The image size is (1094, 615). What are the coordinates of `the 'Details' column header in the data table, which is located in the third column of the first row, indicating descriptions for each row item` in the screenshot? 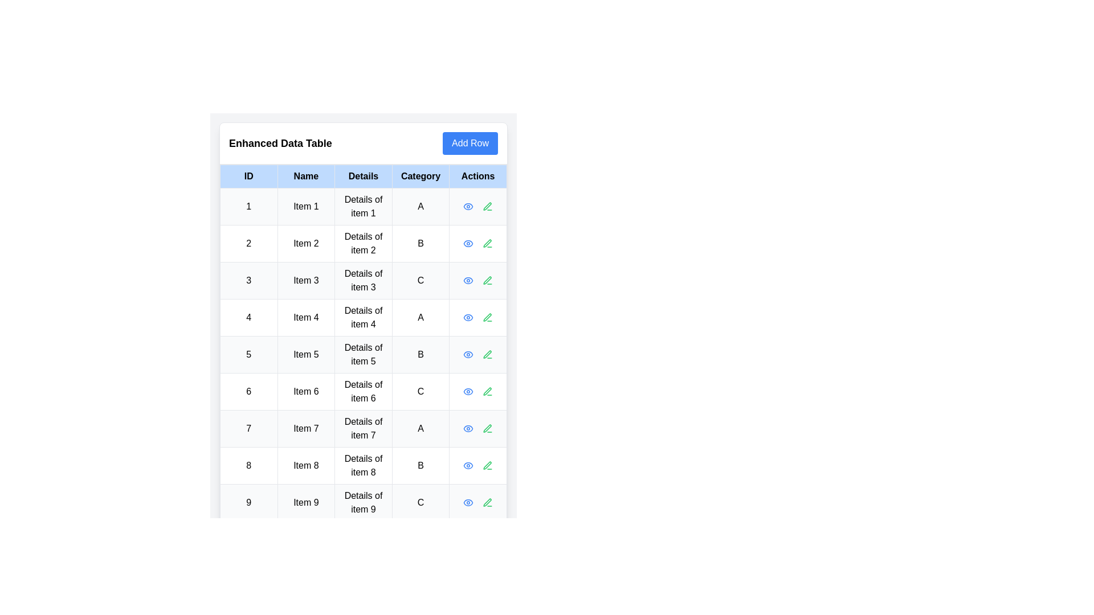 It's located at (363, 176).